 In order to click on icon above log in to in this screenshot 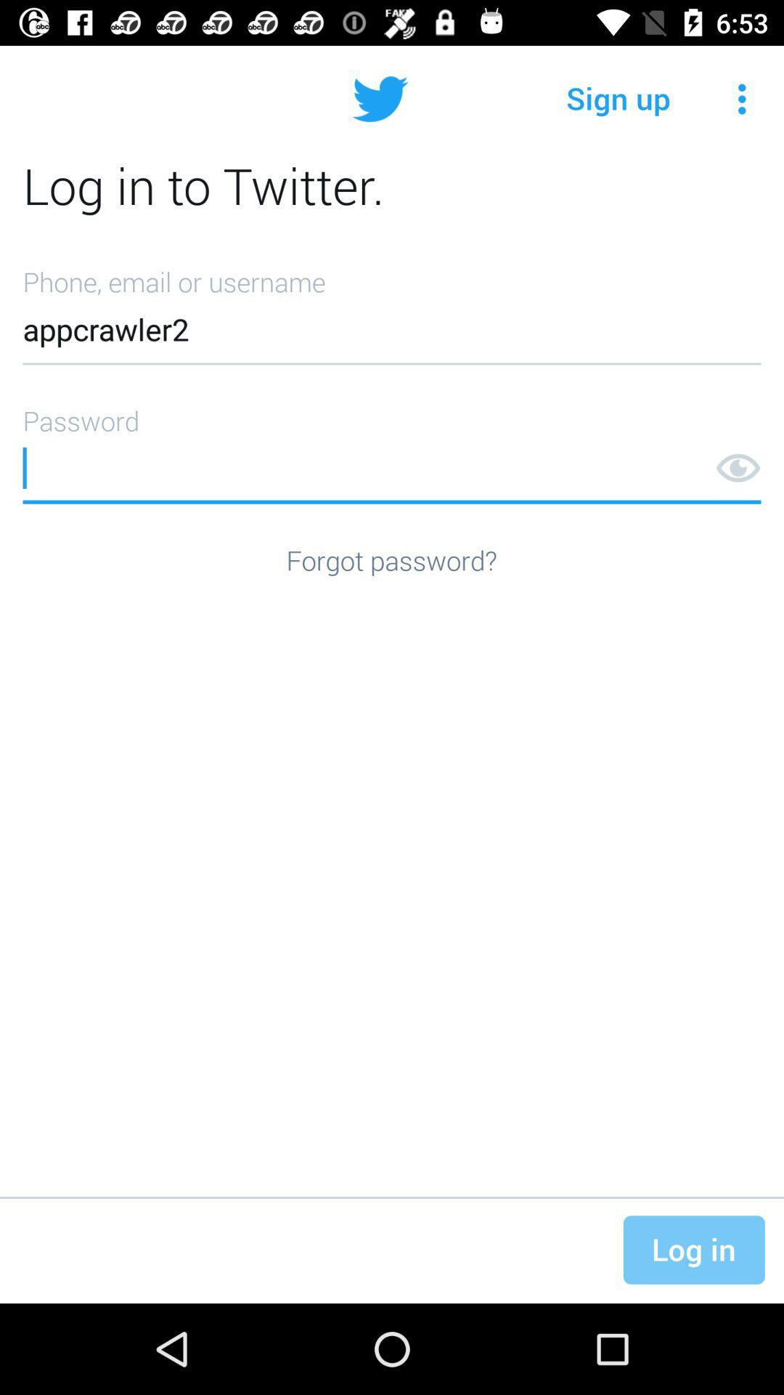, I will do `click(742, 98)`.